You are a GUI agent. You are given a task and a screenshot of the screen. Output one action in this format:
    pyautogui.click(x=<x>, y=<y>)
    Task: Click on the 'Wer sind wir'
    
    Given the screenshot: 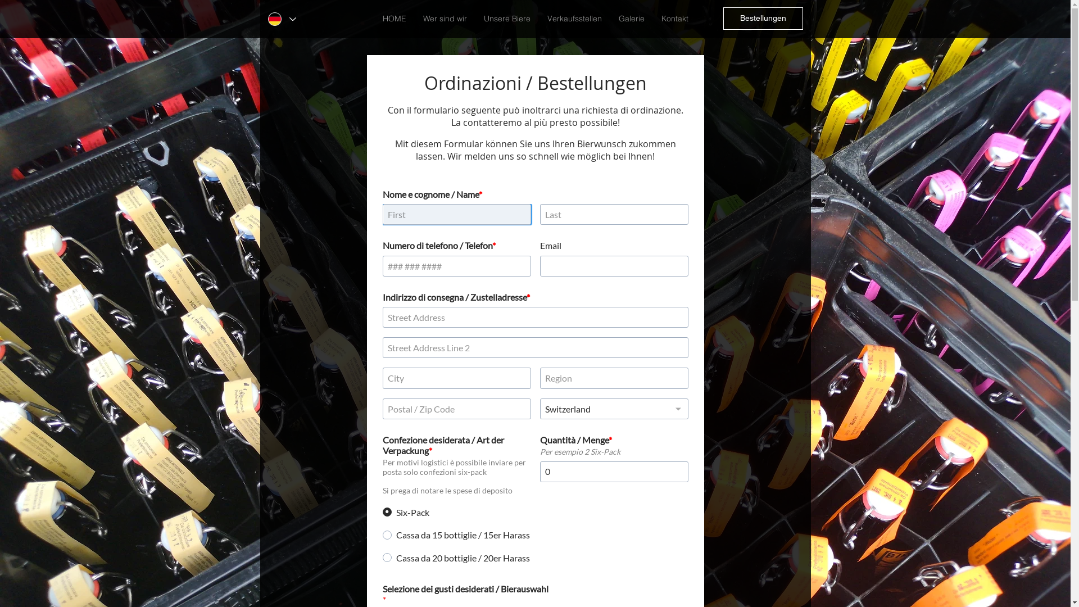 What is the action you would take?
    pyautogui.click(x=445, y=19)
    